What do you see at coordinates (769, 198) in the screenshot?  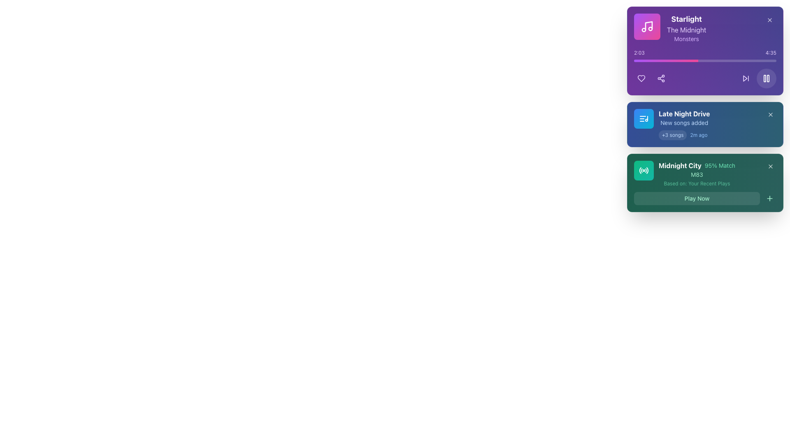 I see `the 'add' button located in the bottom-right corner of the green card, which is the third item in the vertically stacked list of cards` at bounding box center [769, 198].